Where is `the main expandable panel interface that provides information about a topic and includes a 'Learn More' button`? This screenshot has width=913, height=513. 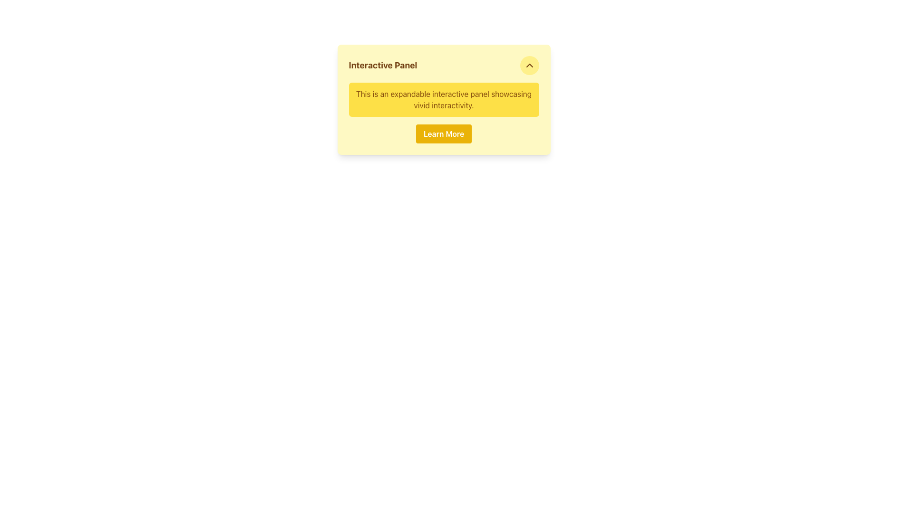
the main expandable panel interface that provides information about a topic and includes a 'Learn More' button is located at coordinates (443, 99).